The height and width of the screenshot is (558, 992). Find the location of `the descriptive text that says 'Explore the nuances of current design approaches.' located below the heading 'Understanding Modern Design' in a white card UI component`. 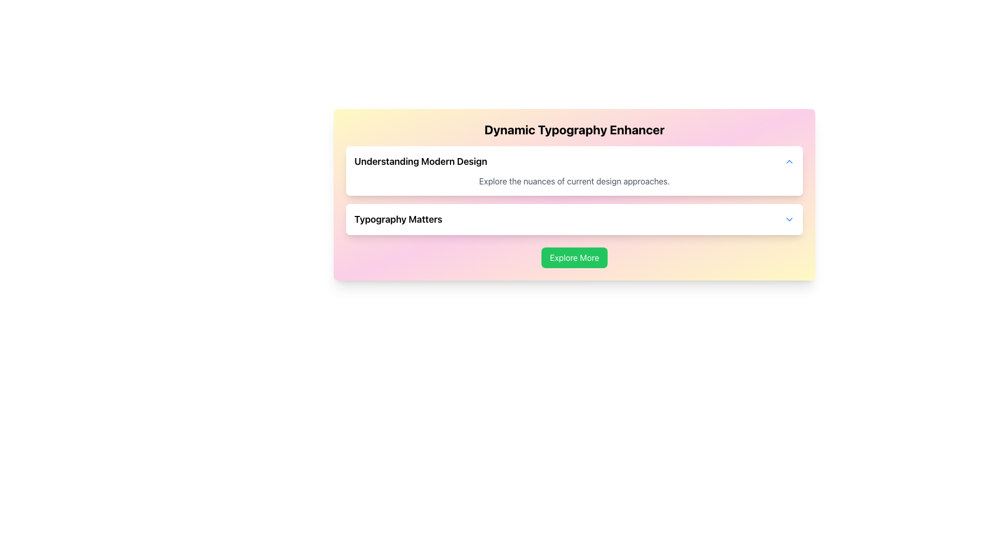

the descriptive text that says 'Explore the nuances of current design approaches.' located below the heading 'Understanding Modern Design' in a white card UI component is located at coordinates (574, 181).